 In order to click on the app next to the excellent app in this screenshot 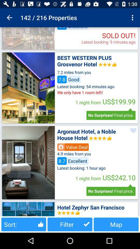, I will do `click(133, 18)`.